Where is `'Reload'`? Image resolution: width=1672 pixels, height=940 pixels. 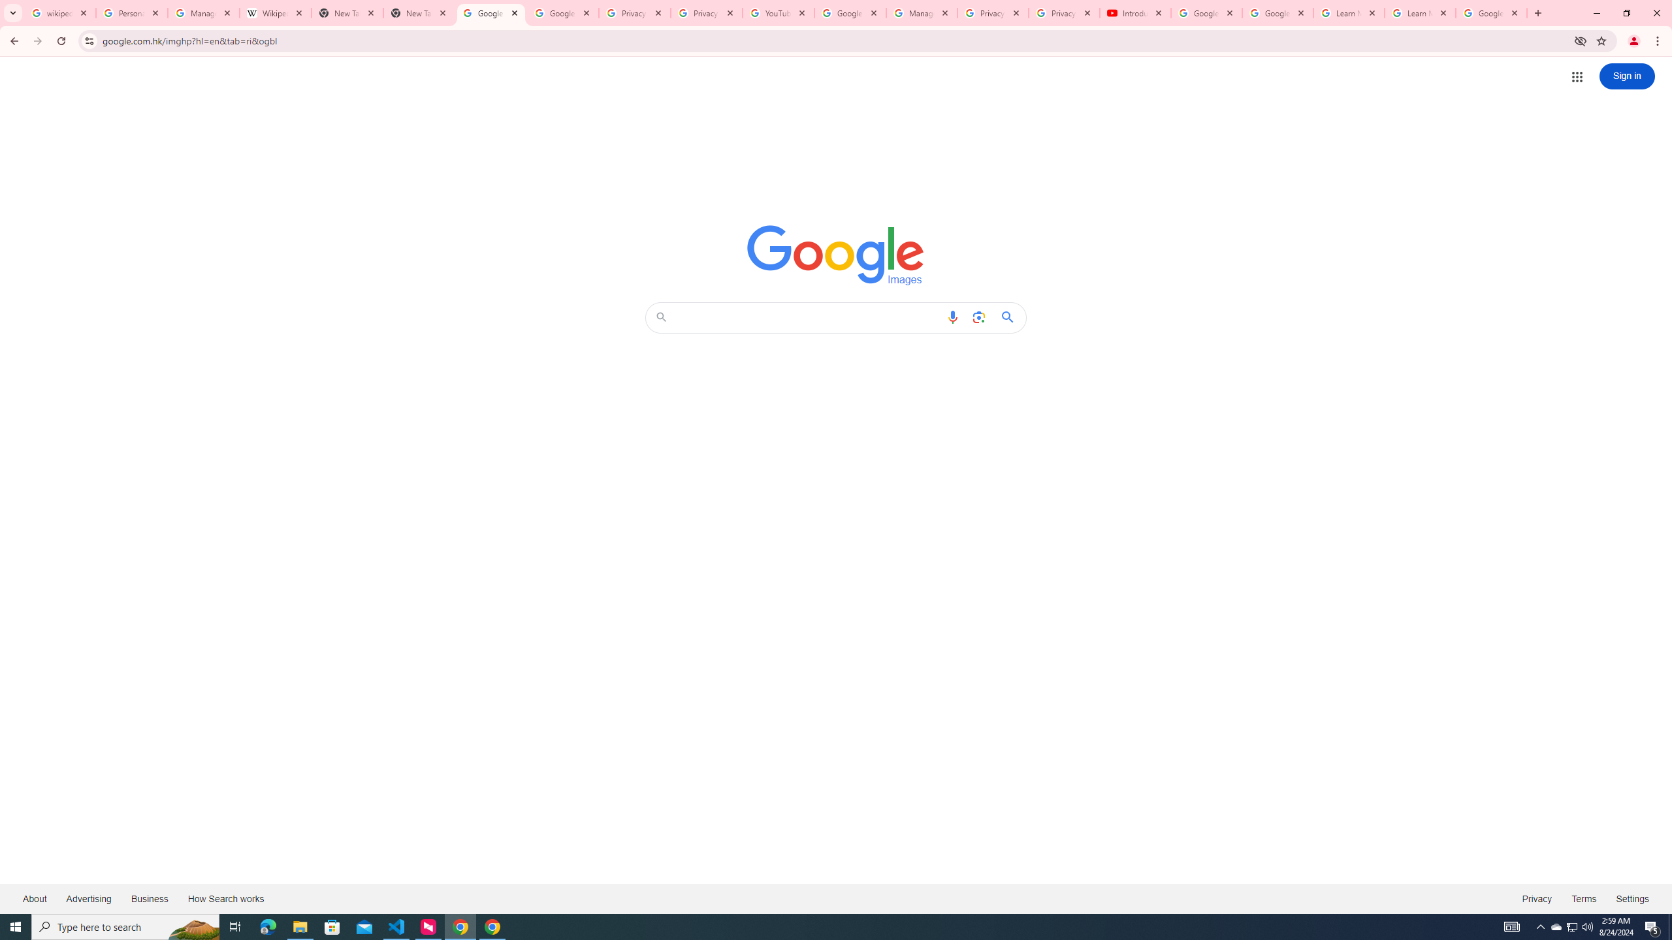 'Reload' is located at coordinates (61, 40).